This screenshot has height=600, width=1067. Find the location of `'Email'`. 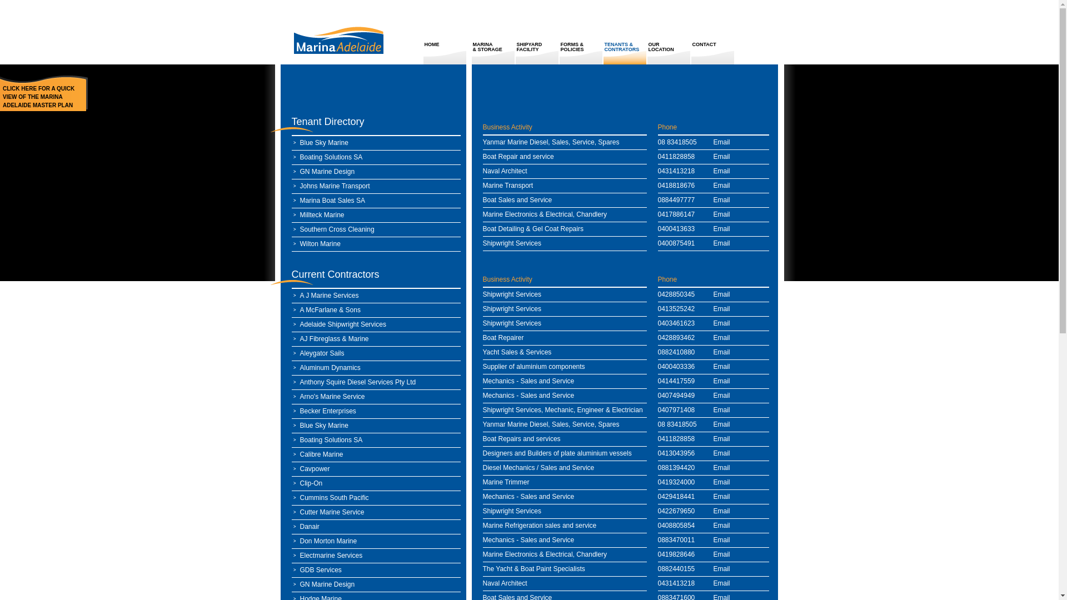

'Email' is located at coordinates (713, 453).